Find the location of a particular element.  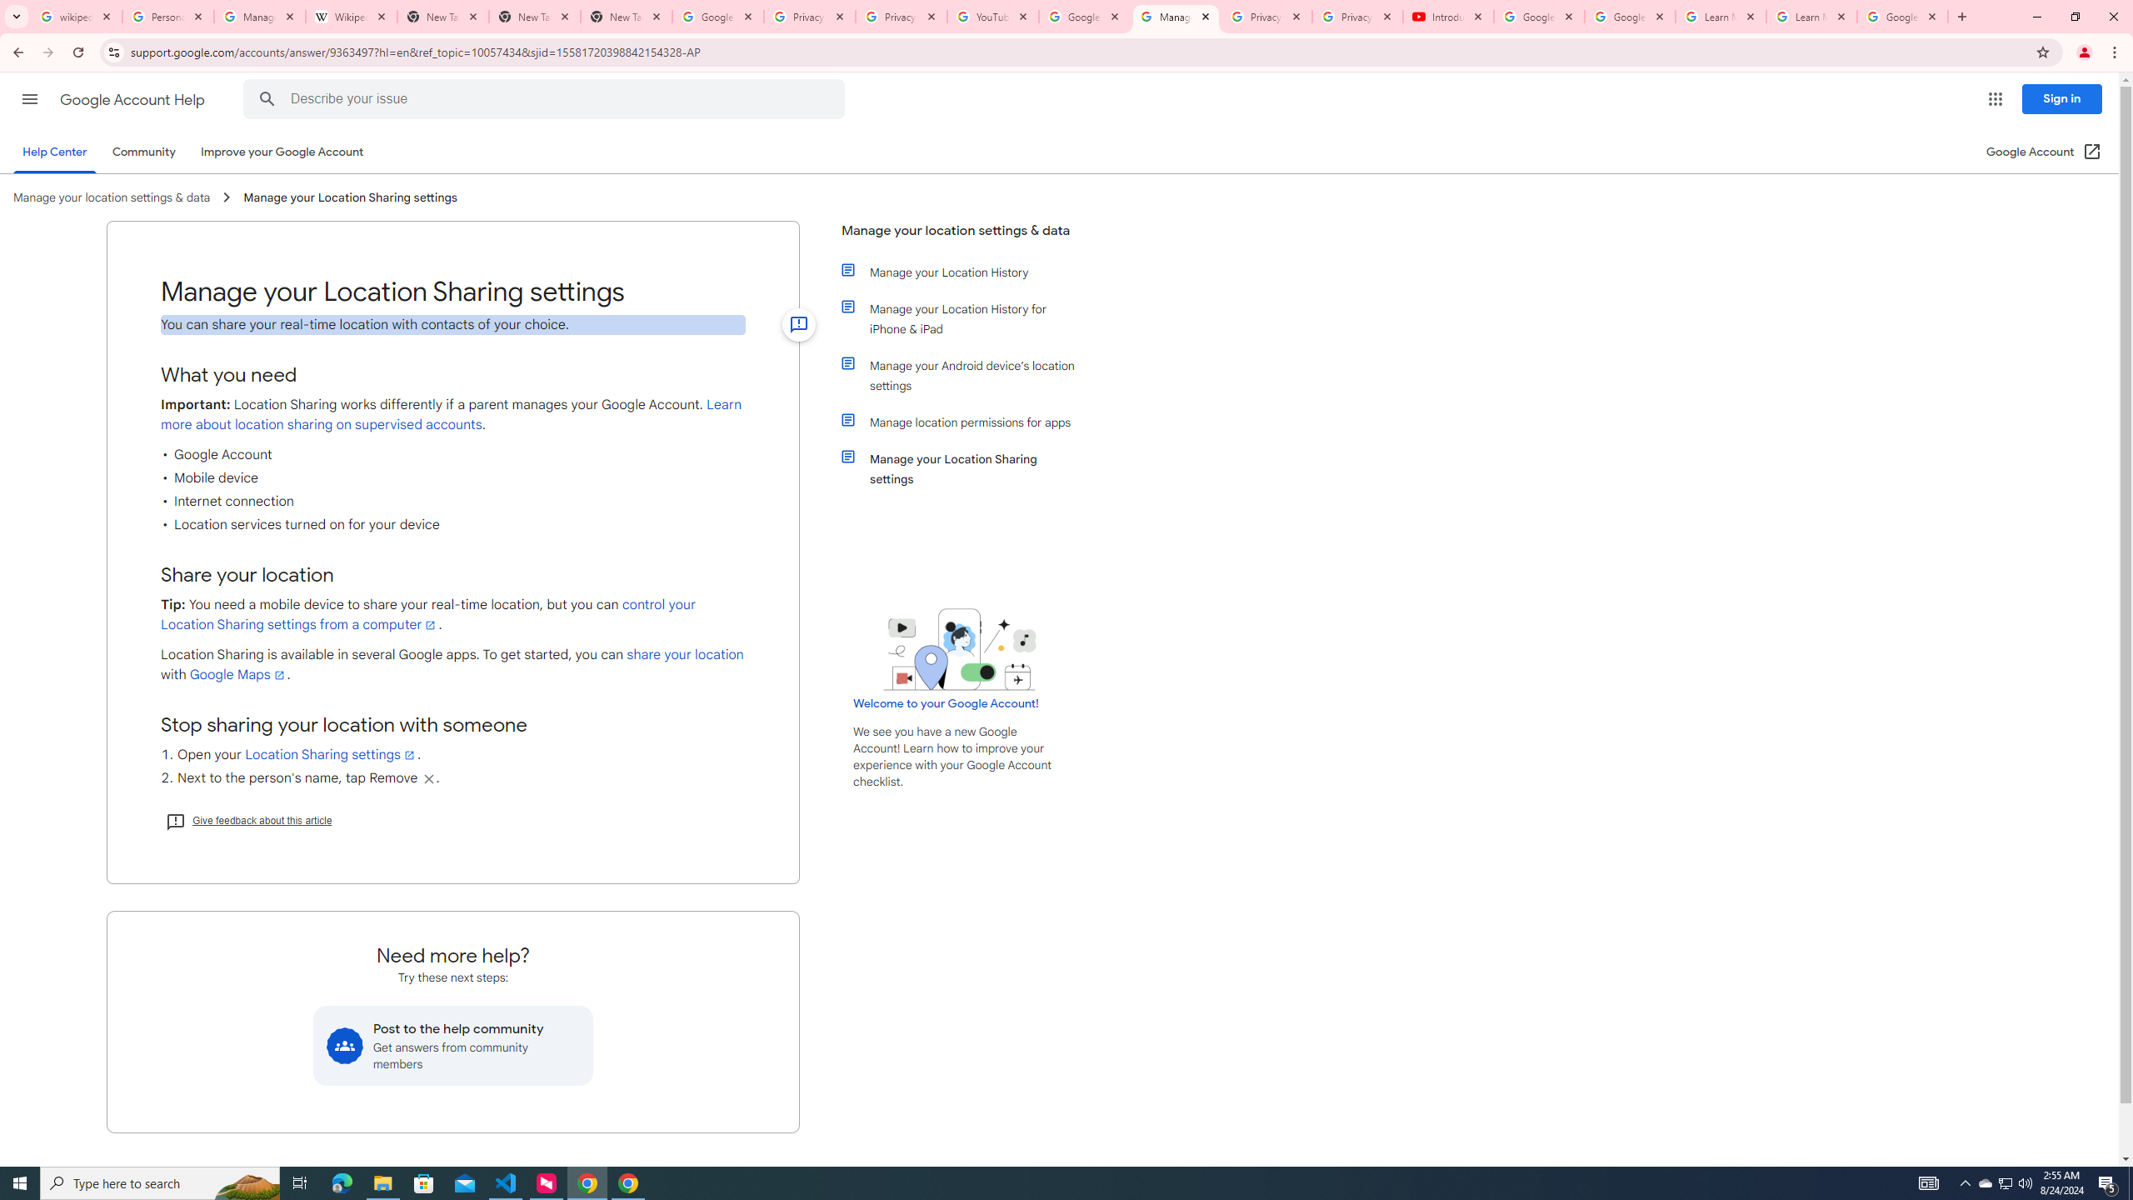

'Help Center' is located at coordinates (54, 151).